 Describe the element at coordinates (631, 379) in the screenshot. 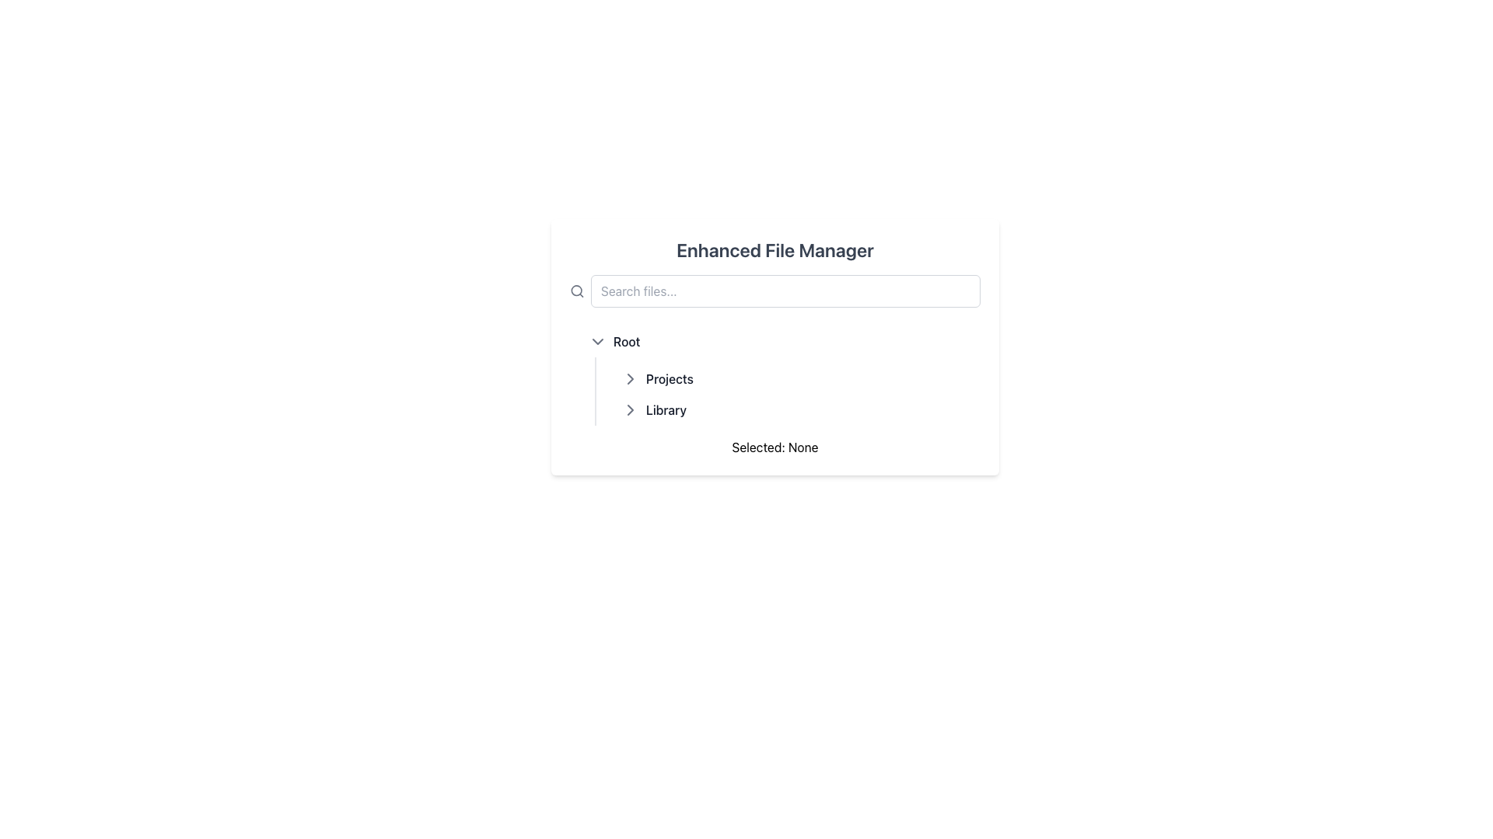

I see `the Icon Button that indicates the expand/collapse state of the 'Projects' section in the navigation tree, located under 'Root' and preceding the 'Projects' label` at that location.